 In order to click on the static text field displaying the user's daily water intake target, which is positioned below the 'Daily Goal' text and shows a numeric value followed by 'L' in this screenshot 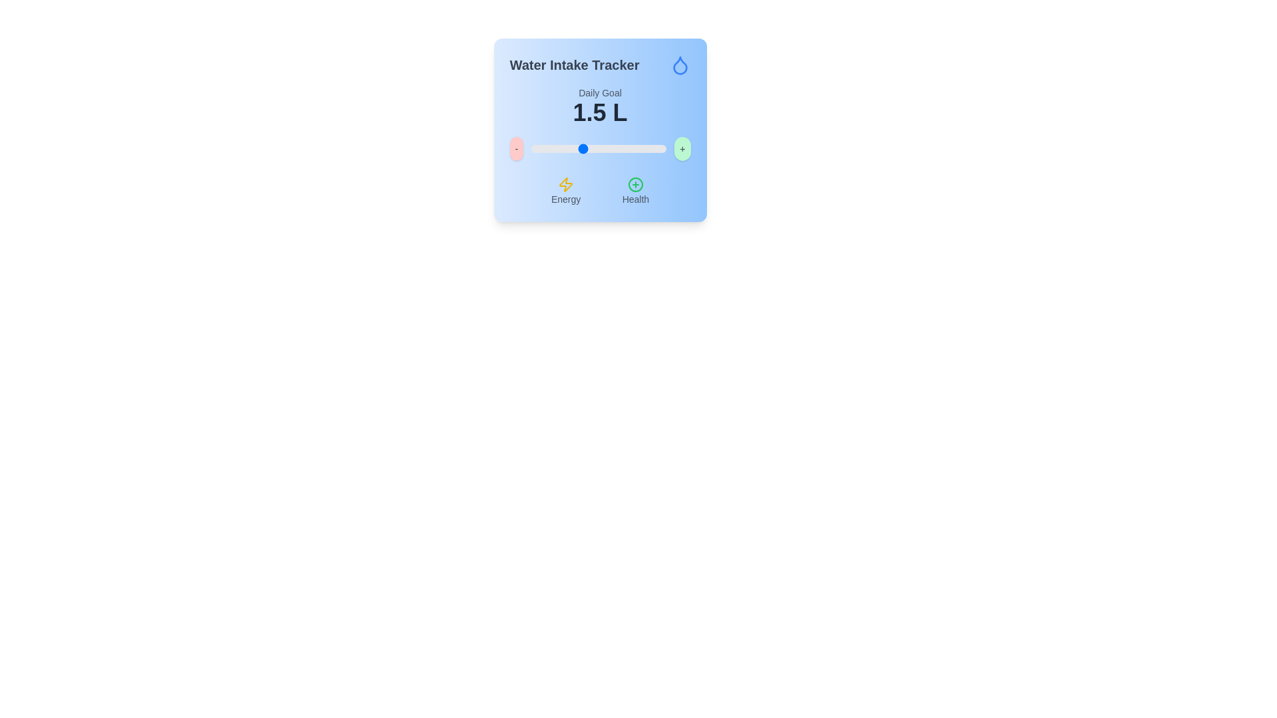, I will do `click(599, 112)`.